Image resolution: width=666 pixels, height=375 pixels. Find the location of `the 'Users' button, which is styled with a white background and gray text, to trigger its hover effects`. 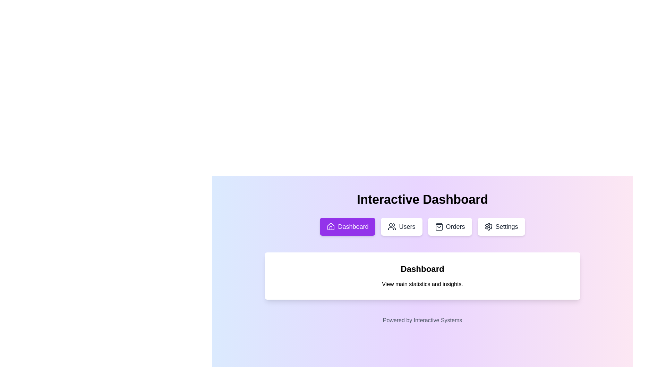

the 'Users' button, which is styled with a white background and gray text, to trigger its hover effects is located at coordinates (401, 226).